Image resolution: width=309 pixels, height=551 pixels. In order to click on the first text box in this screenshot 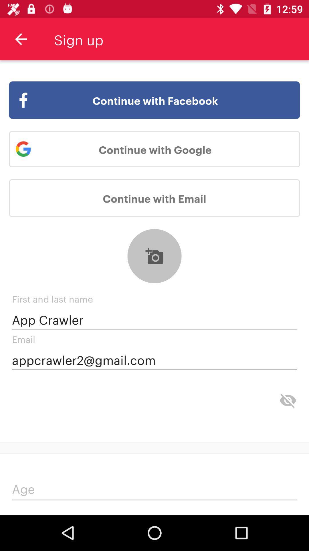, I will do `click(154, 319)`.